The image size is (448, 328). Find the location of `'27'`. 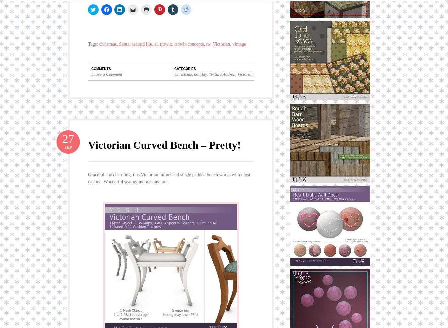

'27' is located at coordinates (68, 138).